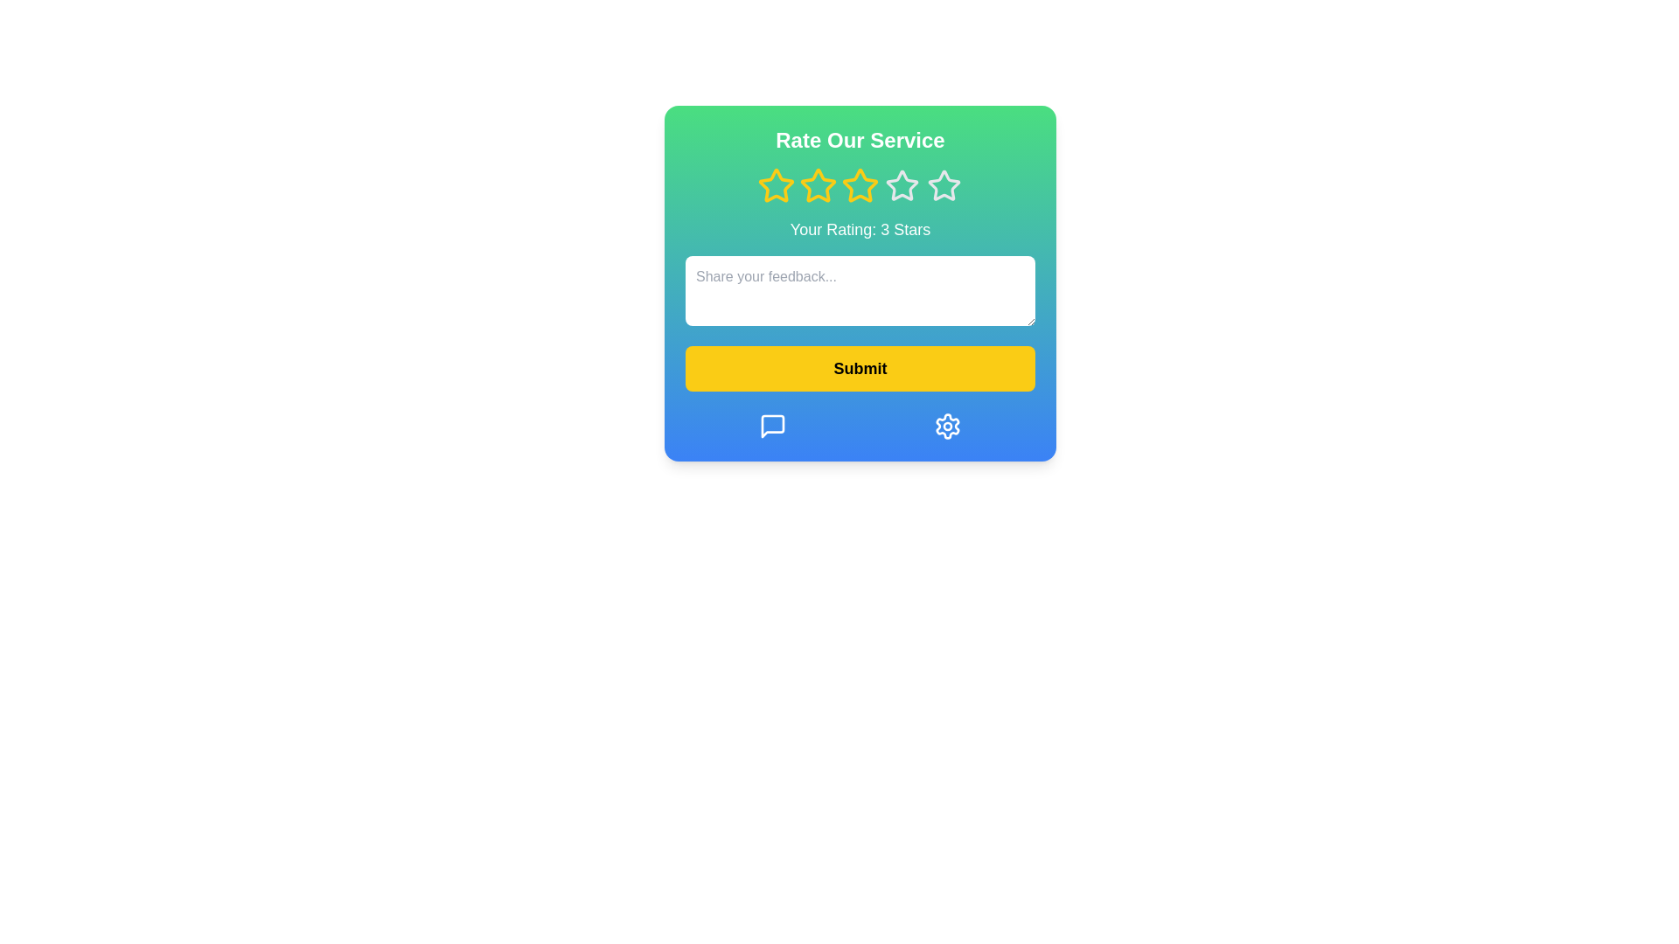  I want to click on the third star icon from the left in the group of five stars, so click(860, 185).